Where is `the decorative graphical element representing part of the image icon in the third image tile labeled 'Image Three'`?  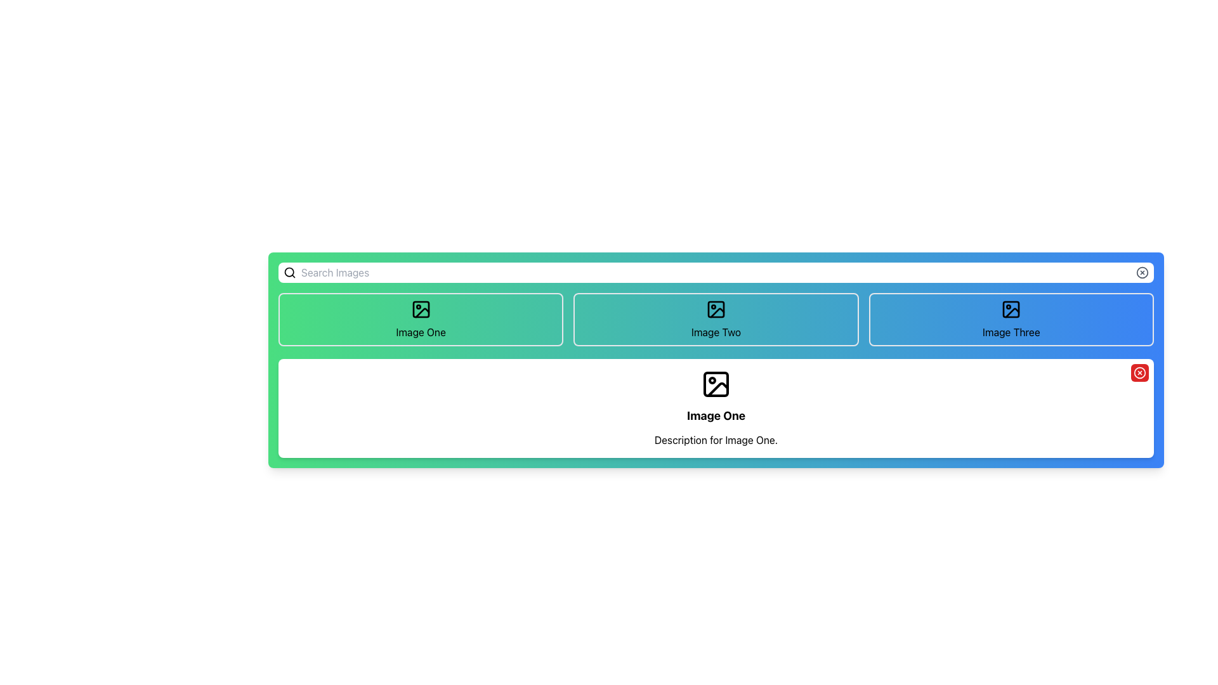 the decorative graphical element representing part of the image icon in the third image tile labeled 'Image Three' is located at coordinates (1011, 310).